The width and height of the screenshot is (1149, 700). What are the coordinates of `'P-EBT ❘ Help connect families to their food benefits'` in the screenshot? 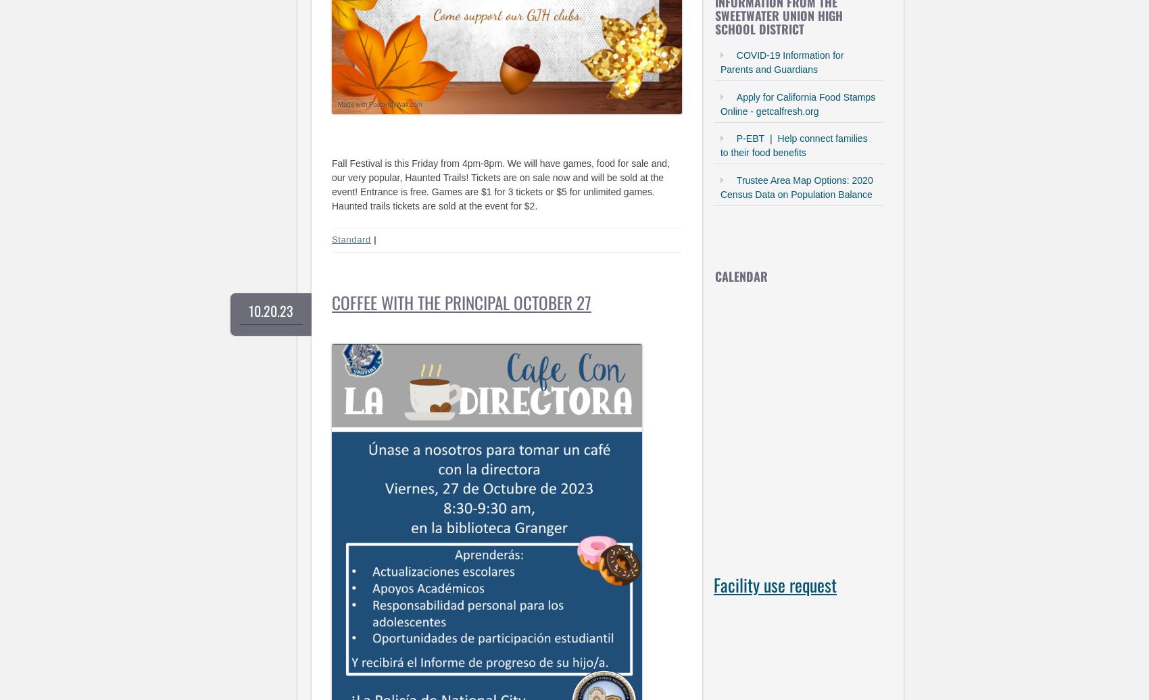 It's located at (720, 145).